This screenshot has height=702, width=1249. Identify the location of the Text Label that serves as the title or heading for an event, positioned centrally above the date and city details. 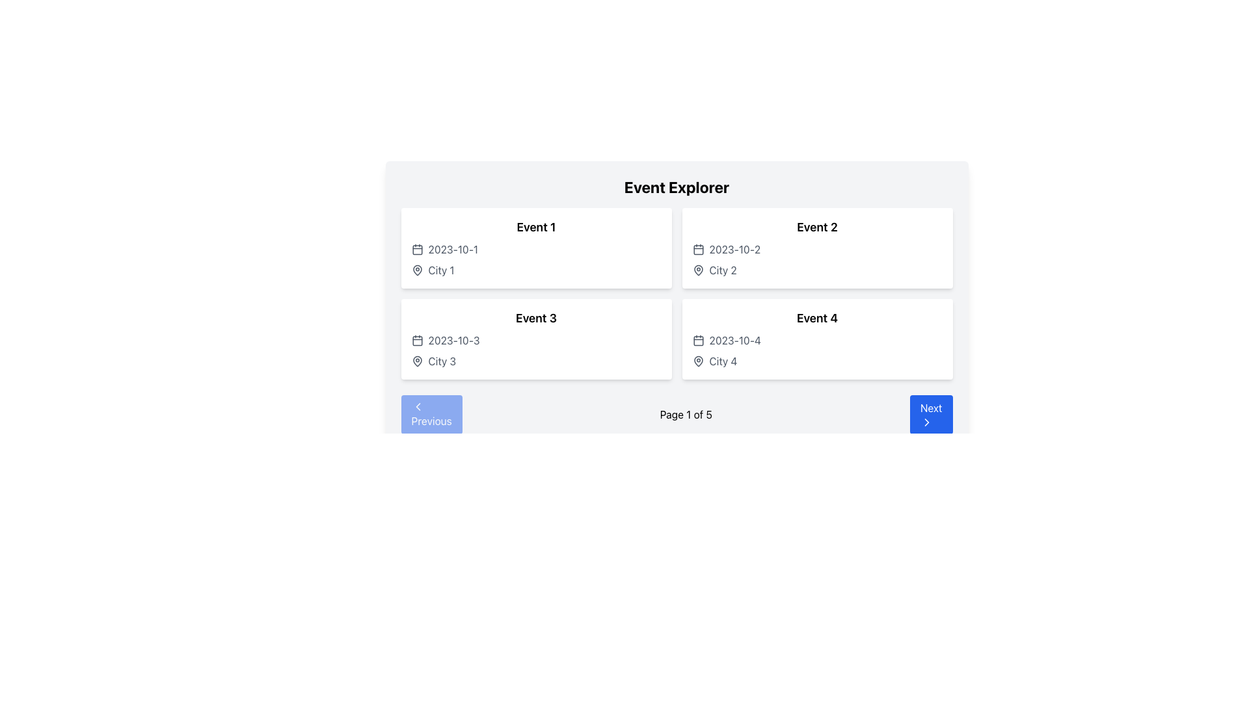
(536, 227).